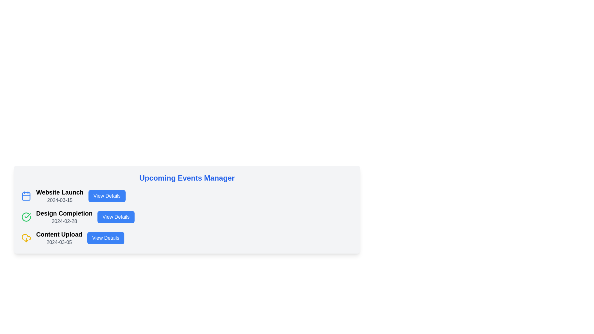 This screenshot has height=334, width=594. Describe the element at coordinates (64, 217) in the screenshot. I see `the text display labeled 'Design Completion' with the date '2024-02-28', which is positioned below 'Website Launch' and above 'Content Upload'` at that location.